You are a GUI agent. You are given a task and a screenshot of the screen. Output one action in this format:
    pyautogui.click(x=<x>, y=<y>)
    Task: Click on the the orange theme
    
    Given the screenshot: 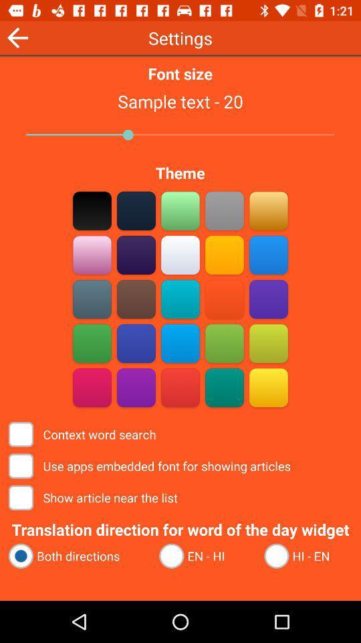 What is the action you would take?
    pyautogui.click(x=224, y=299)
    